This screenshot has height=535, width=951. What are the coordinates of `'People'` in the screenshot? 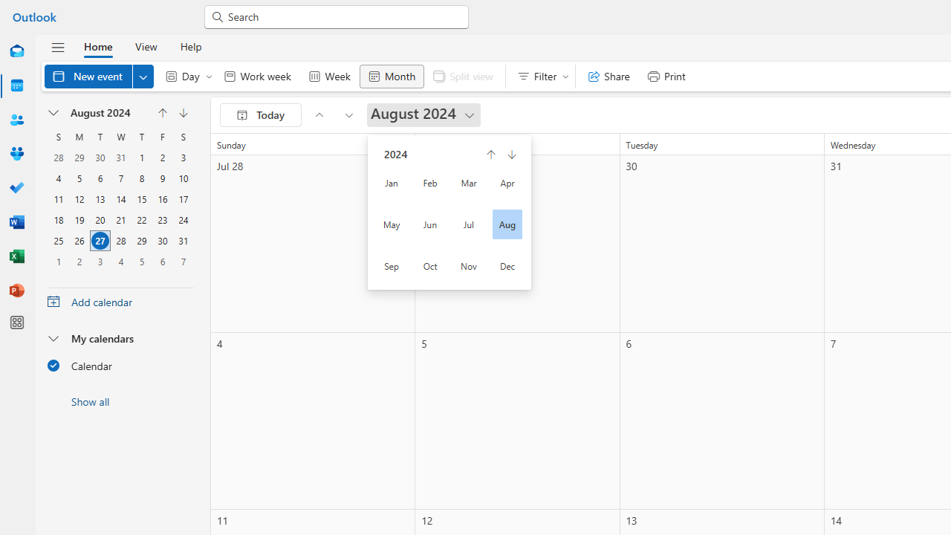 It's located at (17, 120).